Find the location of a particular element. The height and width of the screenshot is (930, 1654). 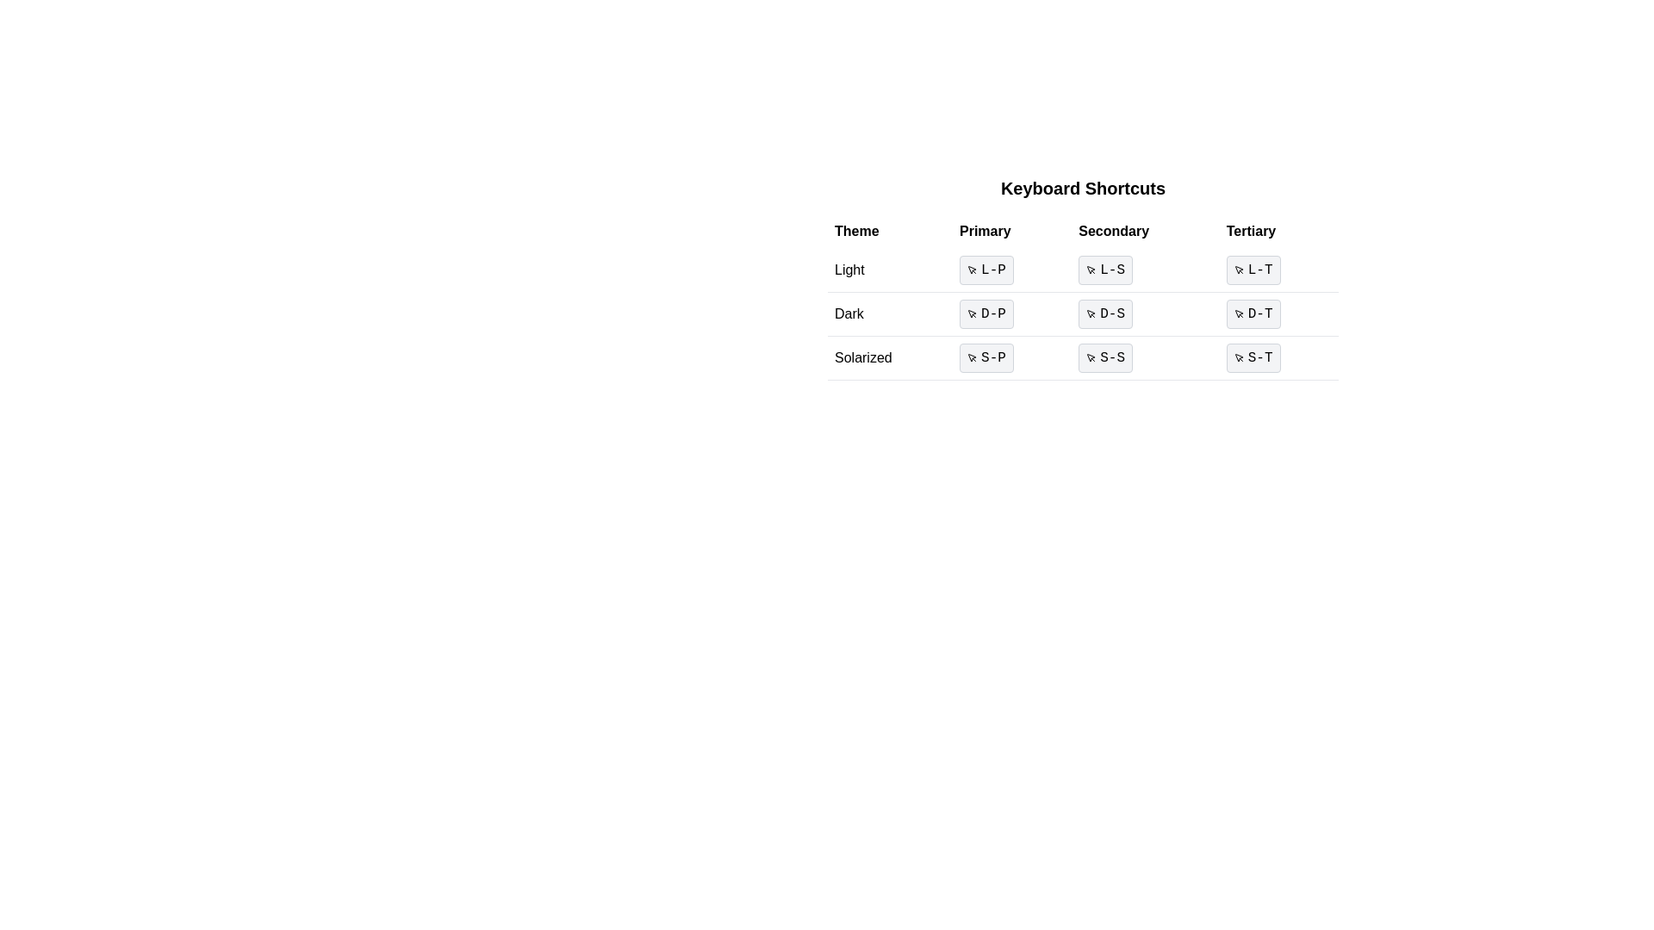

the 'S-S' button is located at coordinates (1082, 357).